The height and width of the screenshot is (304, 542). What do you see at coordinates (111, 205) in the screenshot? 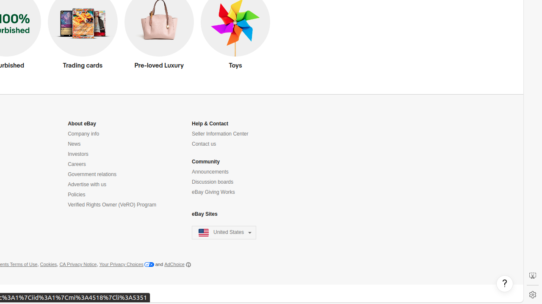
I see `'Verified Rights Owner (VeRO) Program'` at bounding box center [111, 205].